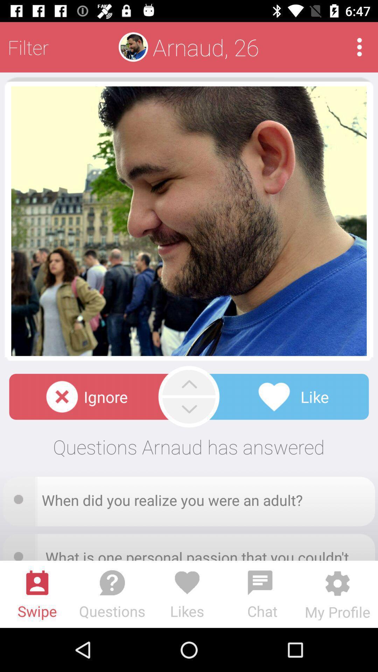 This screenshot has height=672, width=378. What do you see at coordinates (359, 47) in the screenshot?
I see `icon at the top right corner` at bounding box center [359, 47].